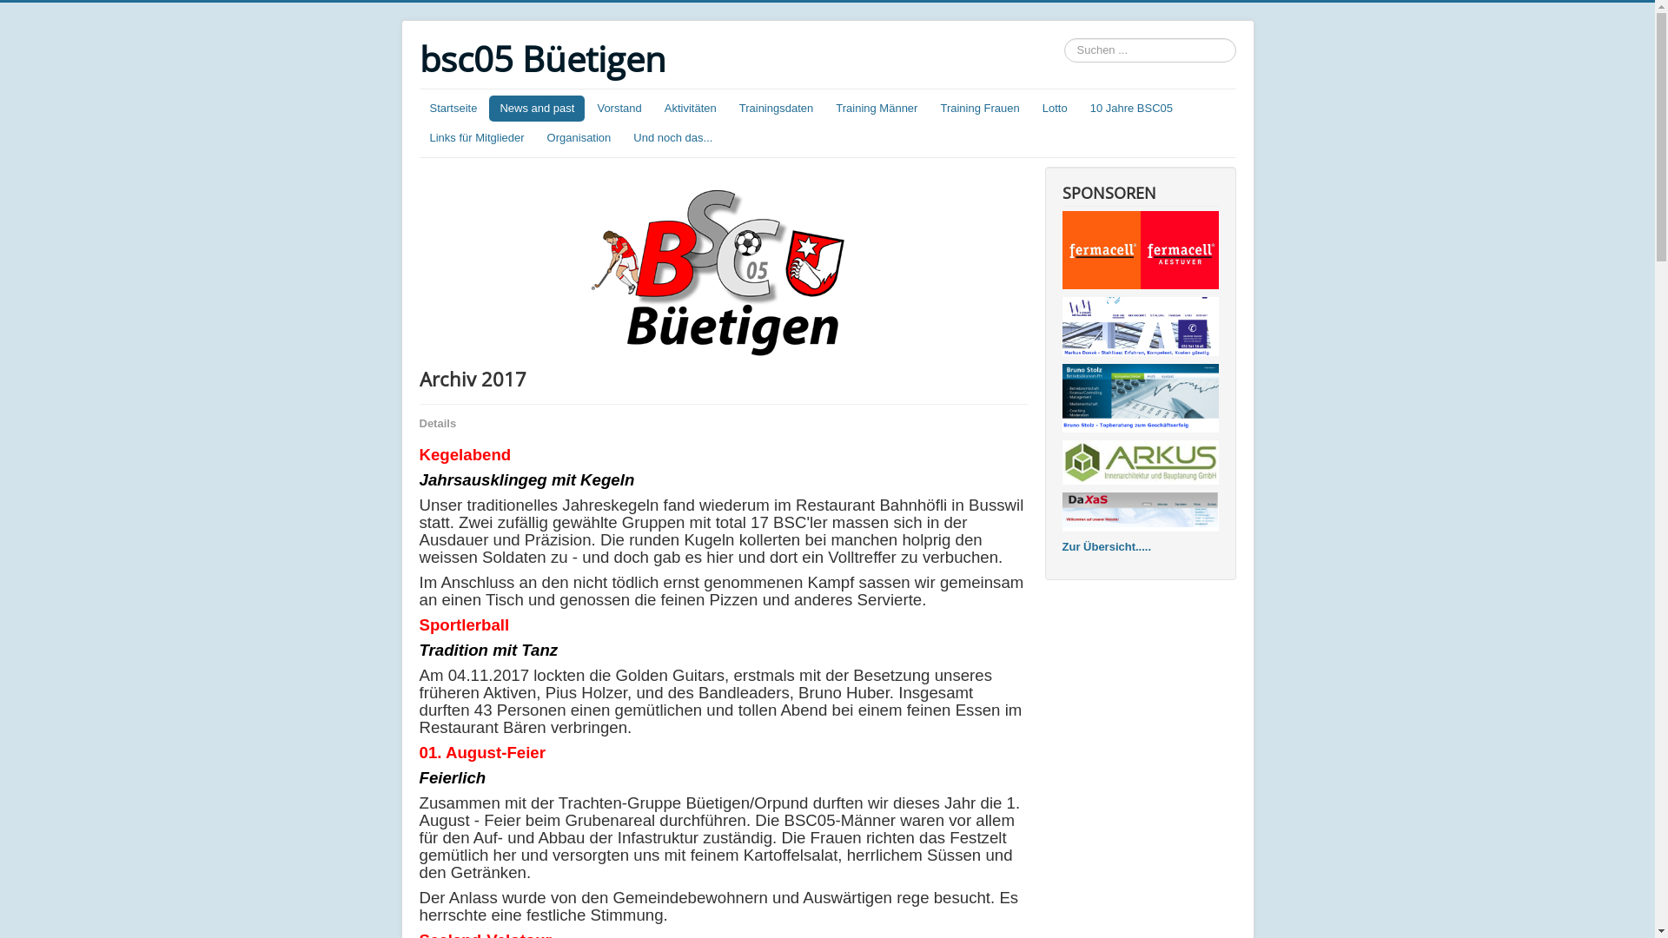  Describe the element at coordinates (453, 108) in the screenshot. I see `'Startseite'` at that location.